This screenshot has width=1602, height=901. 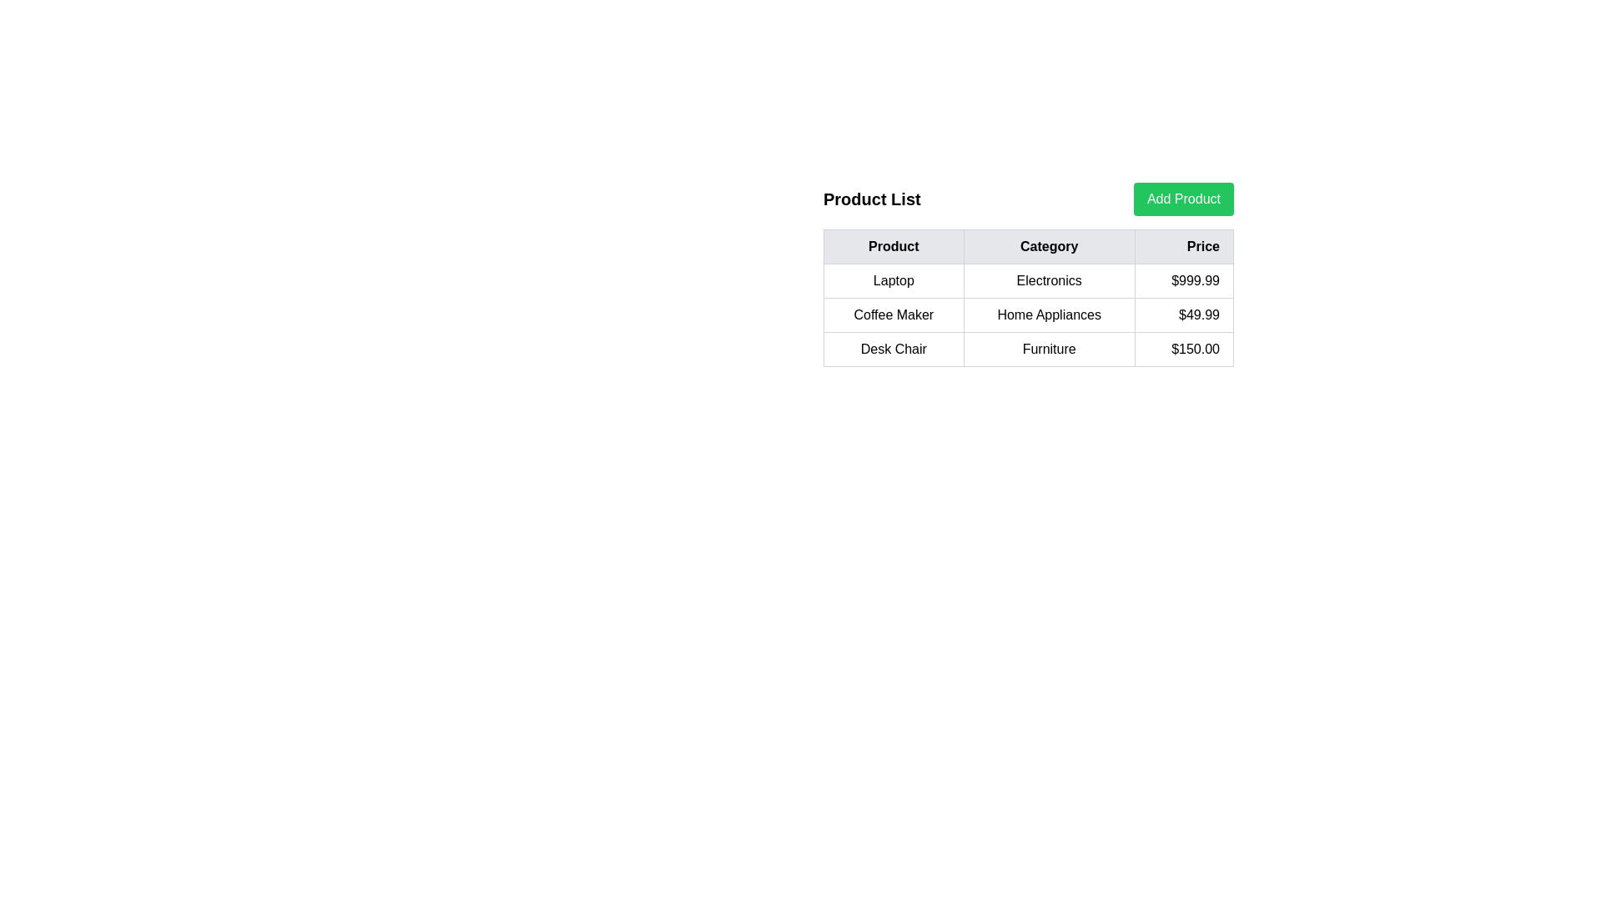 What do you see at coordinates (1048, 247) in the screenshot?
I see `the 'Category' text label, which serves as the header for the category column in the product table, located between 'Product' and 'Price'` at bounding box center [1048, 247].